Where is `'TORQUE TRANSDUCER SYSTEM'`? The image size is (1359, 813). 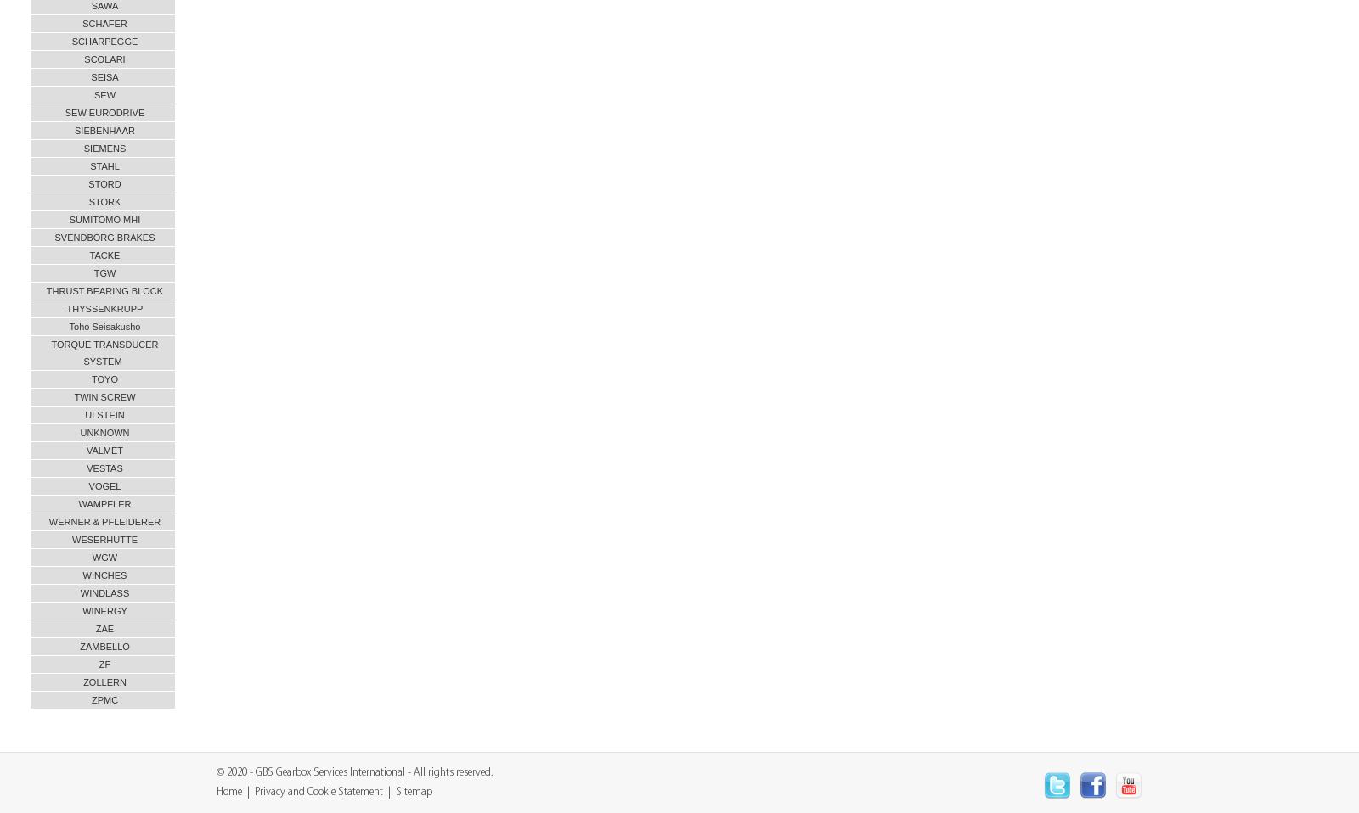
'TORQUE TRANSDUCER SYSTEM' is located at coordinates (50, 352).